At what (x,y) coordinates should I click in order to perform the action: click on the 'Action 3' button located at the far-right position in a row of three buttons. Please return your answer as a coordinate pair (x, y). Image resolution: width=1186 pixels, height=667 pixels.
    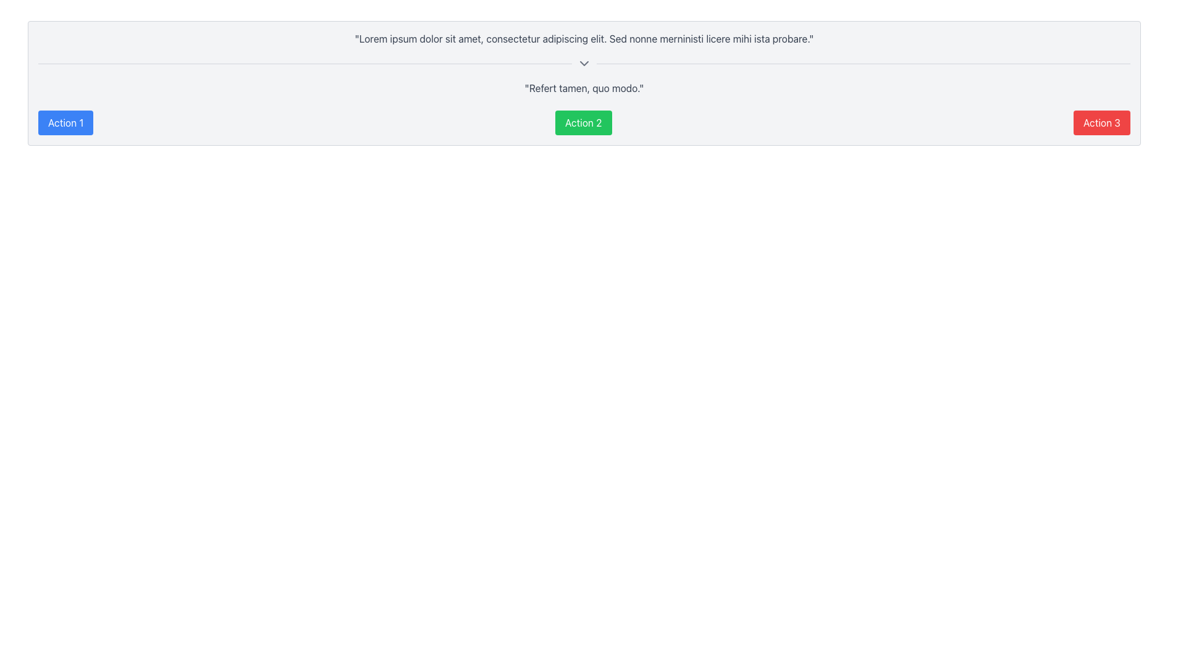
    Looking at the image, I should click on (1102, 123).